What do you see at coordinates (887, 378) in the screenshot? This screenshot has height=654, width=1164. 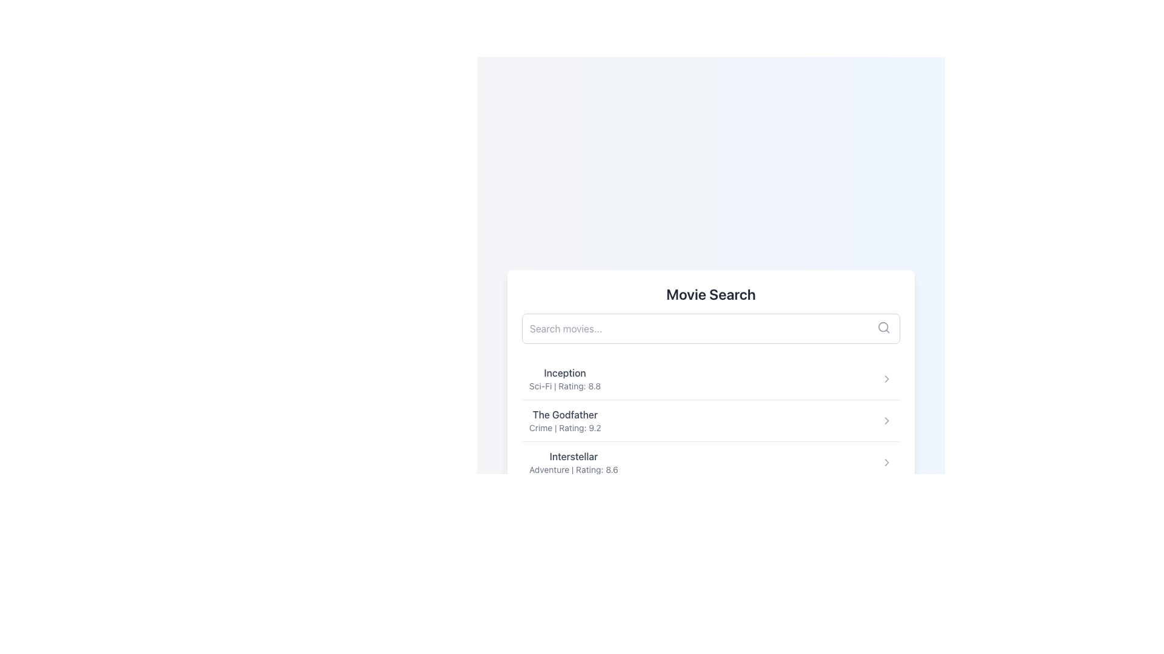 I see `the SVG arrow icon located to the far right of the list item titled 'Inception' under the 'Movie Search' heading` at bounding box center [887, 378].